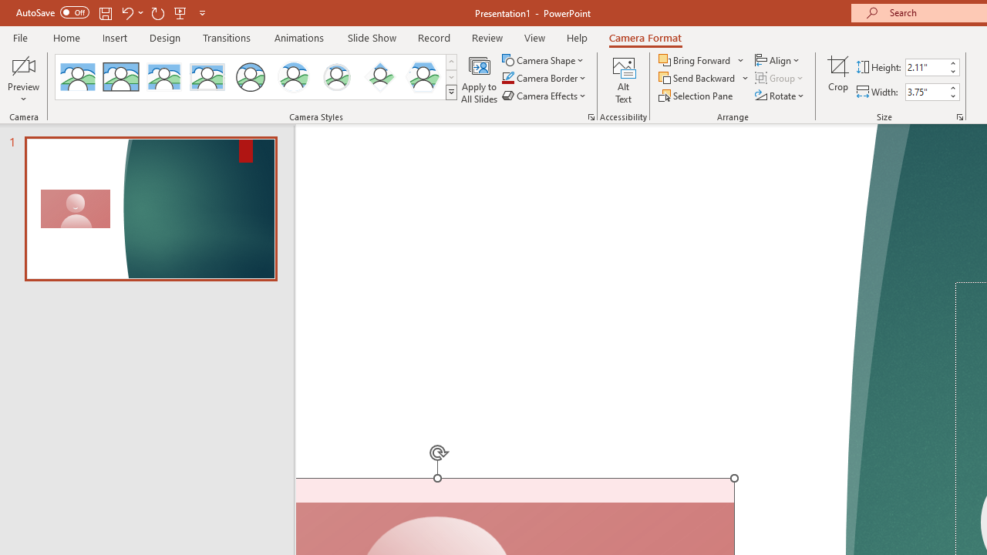  I want to click on 'No Style', so click(77, 77).